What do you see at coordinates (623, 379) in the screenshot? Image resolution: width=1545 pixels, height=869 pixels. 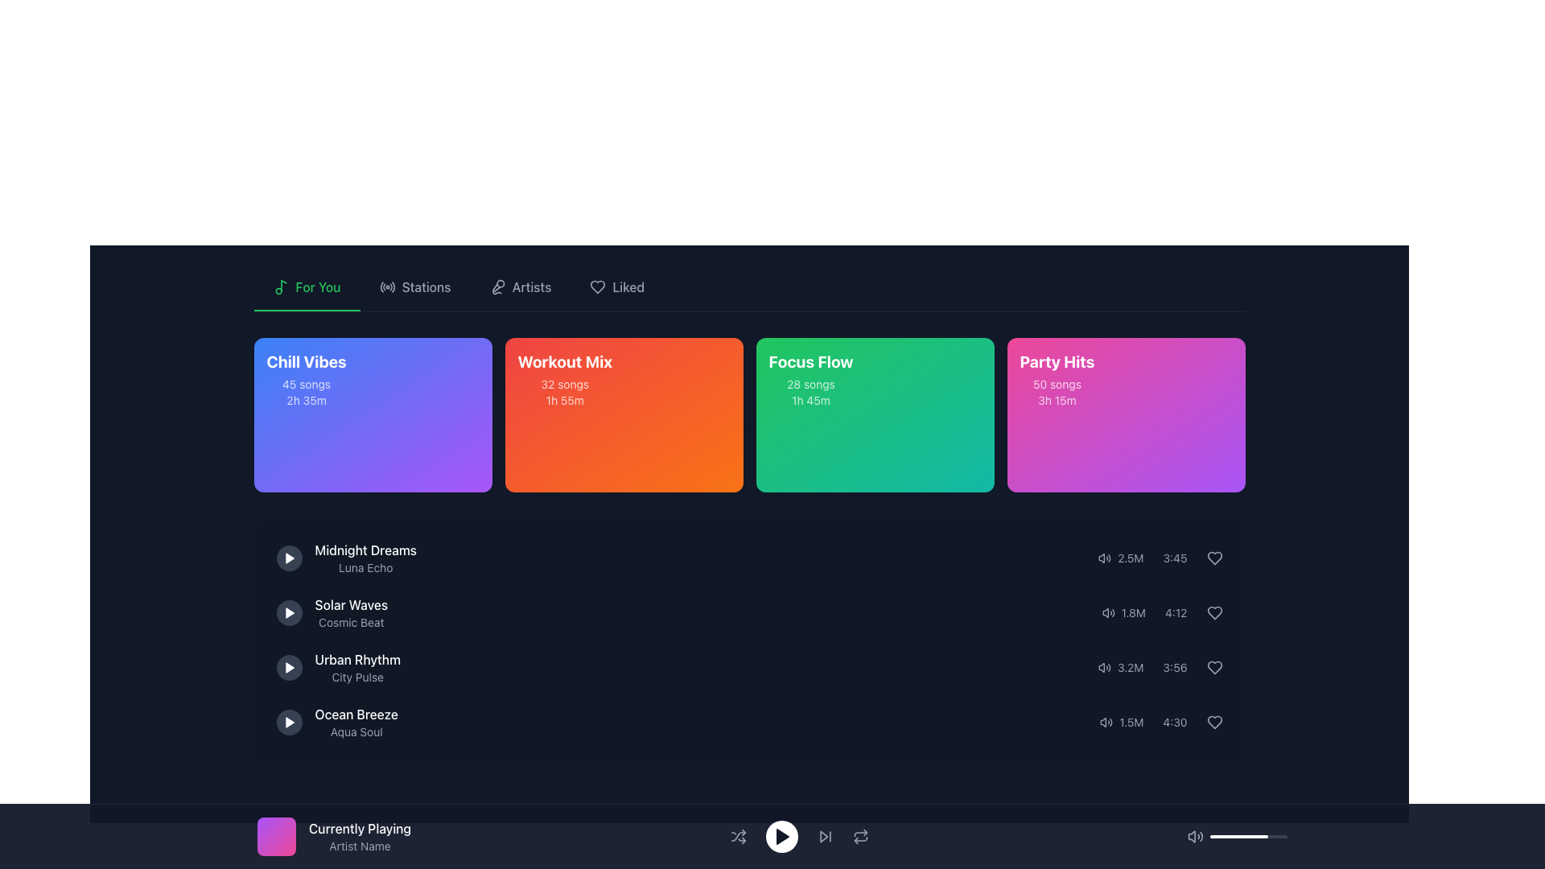 I see `the 'Workout Mix' Playlist card, which is the second card in the row of music playlists` at bounding box center [623, 379].